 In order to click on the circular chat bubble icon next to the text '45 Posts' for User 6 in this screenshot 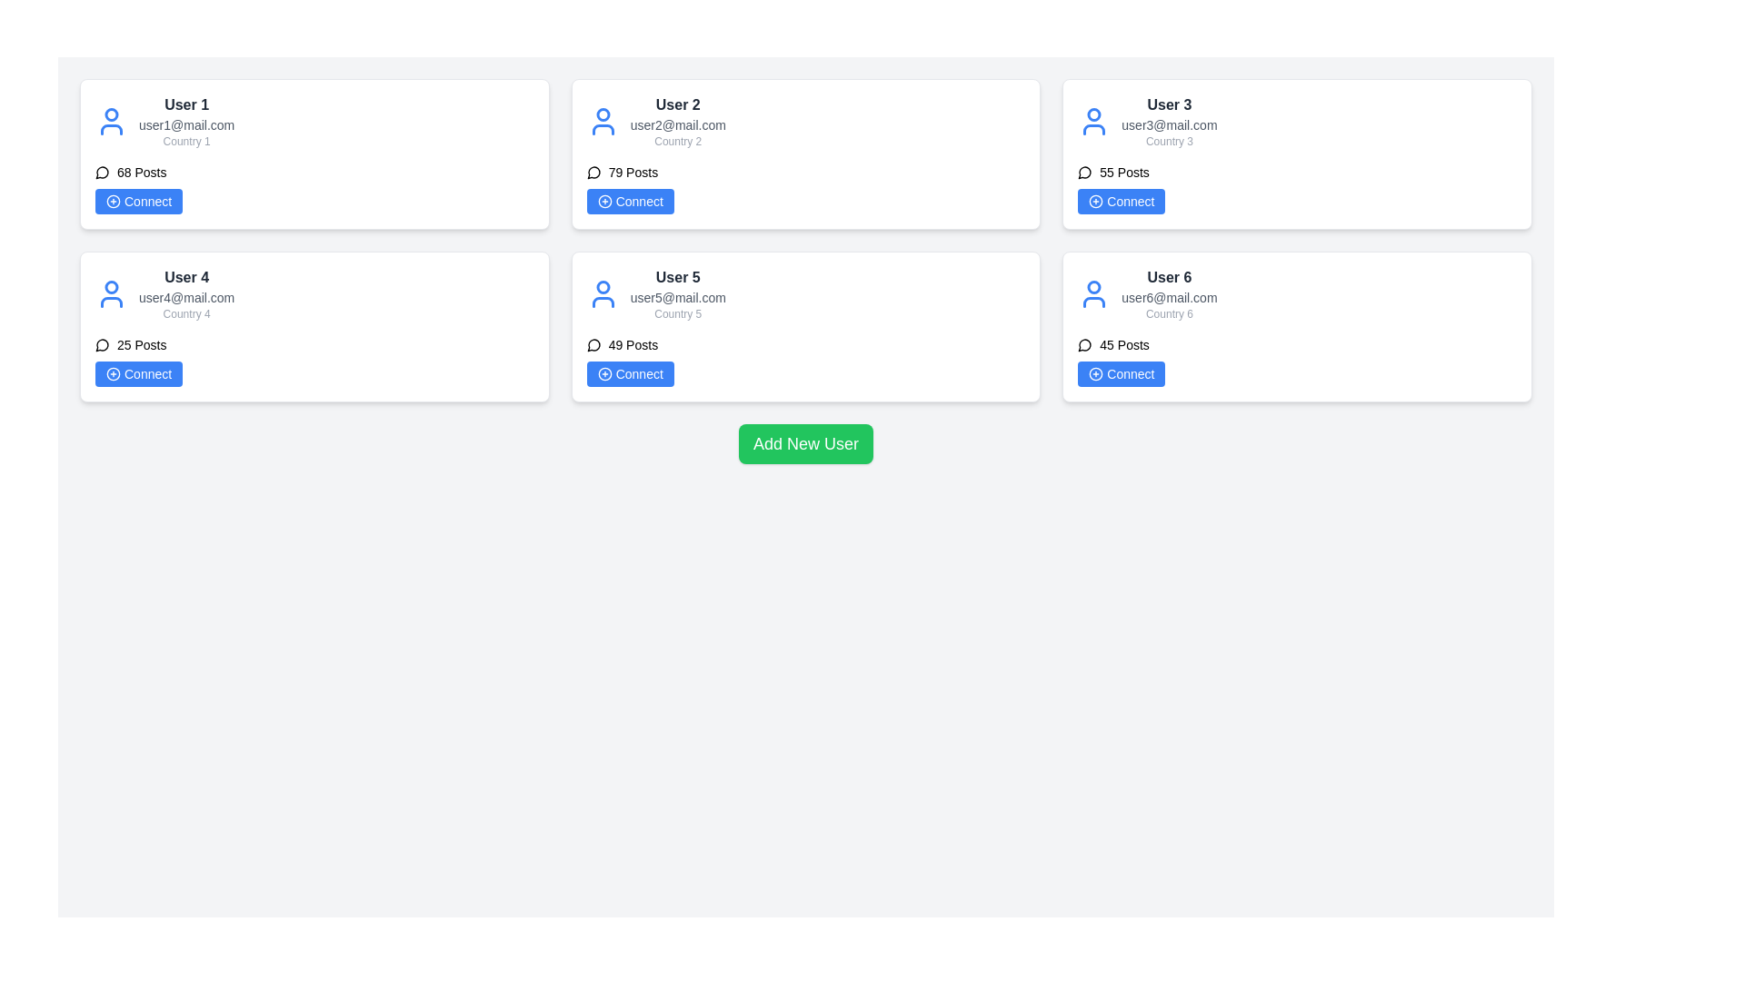, I will do `click(1085, 345)`.